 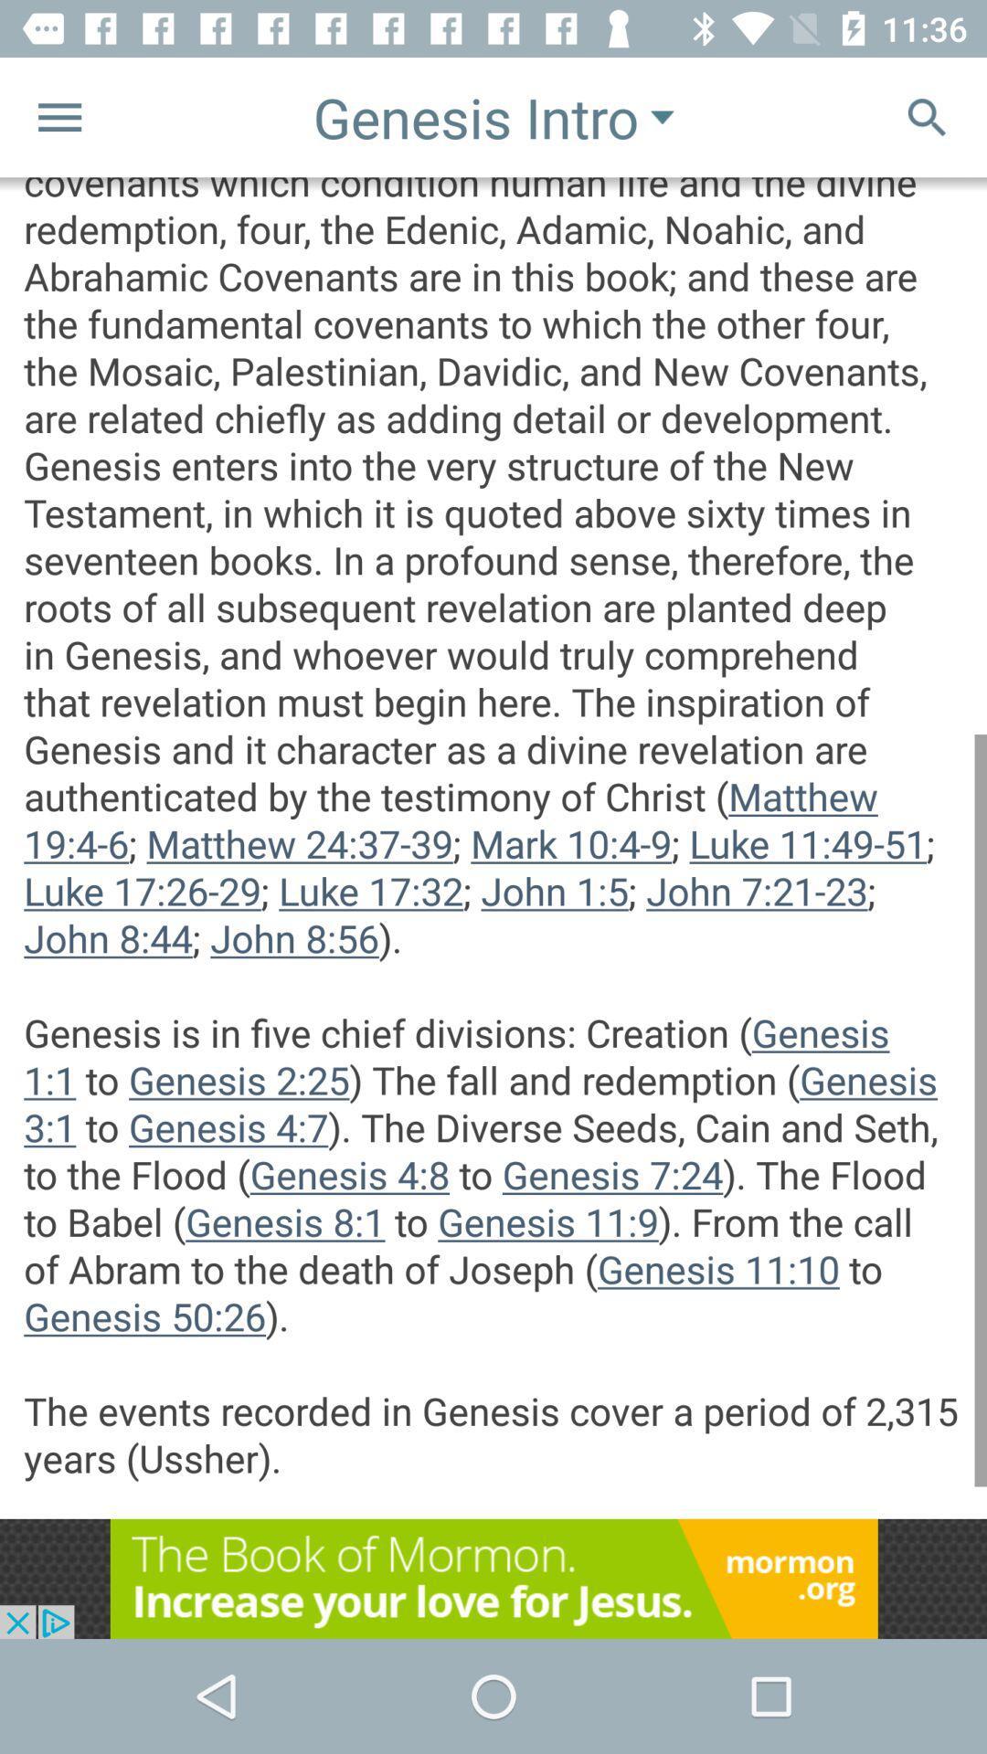 I want to click on menu, so click(x=58, y=116).